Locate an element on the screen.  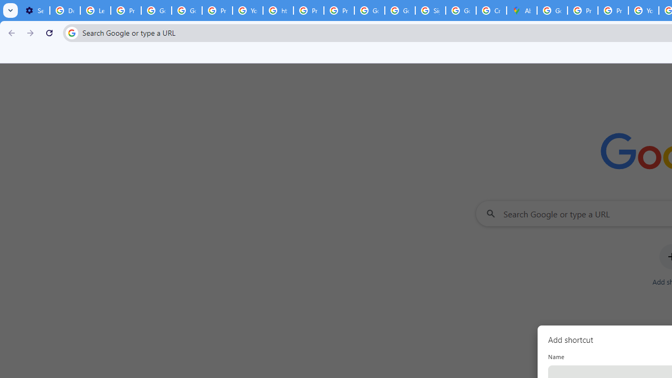
'Sign in - Google Accounts' is located at coordinates (430, 10).